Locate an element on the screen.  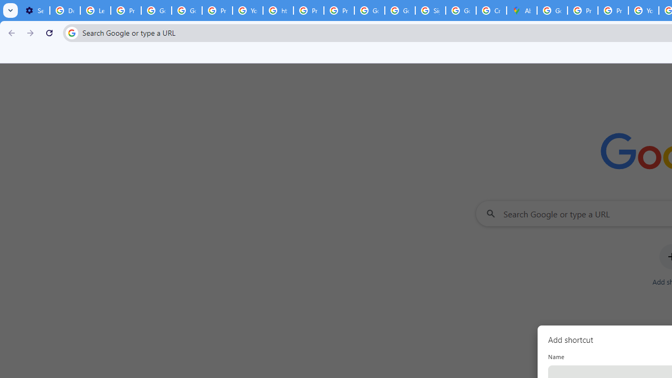
'Sign in - Google Accounts' is located at coordinates (430, 10).